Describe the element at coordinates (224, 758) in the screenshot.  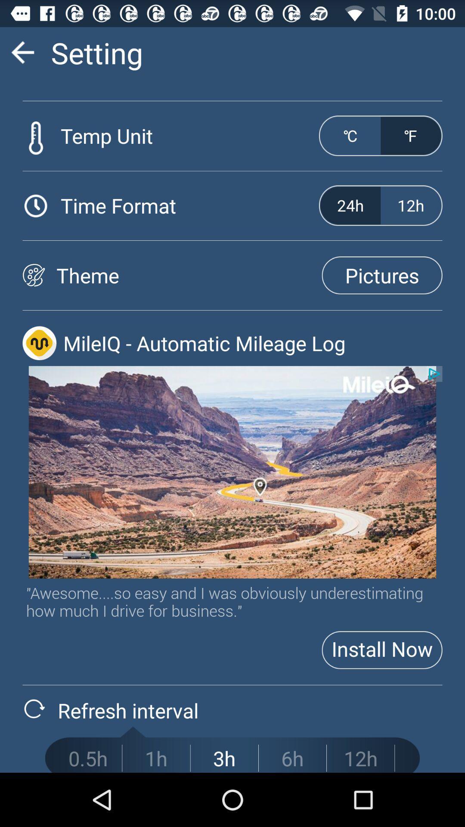
I see `the item to the right of the 1h item` at that location.